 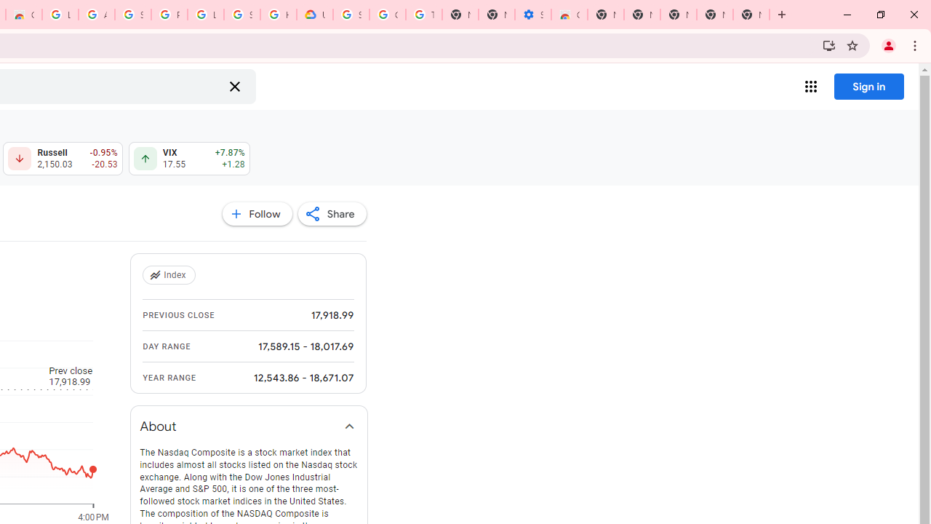 I want to click on 'About', so click(x=249, y=426).